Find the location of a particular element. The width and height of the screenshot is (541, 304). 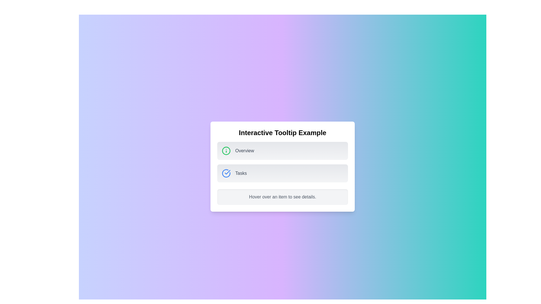

the 'Tasks' Icon located to the left of the text within the second row of the vertically stacked list is located at coordinates (226, 173).